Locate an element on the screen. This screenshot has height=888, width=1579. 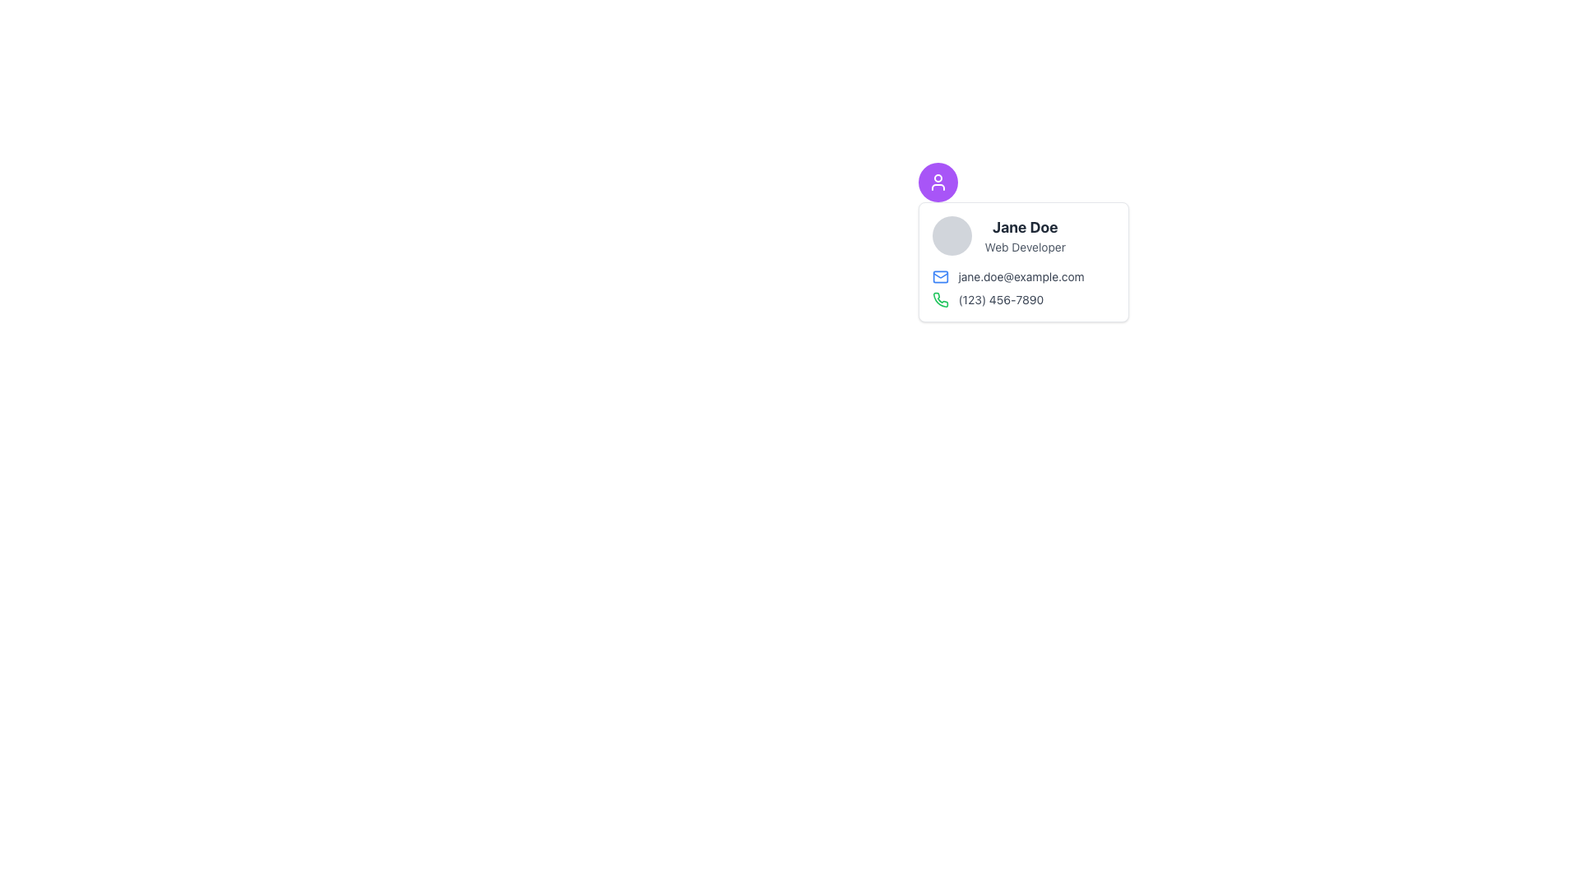
the phone text in the Contact Information Block, which displays an icon and phone number below the user's name 'Jane Doe Web Developer' is located at coordinates (1022, 288).